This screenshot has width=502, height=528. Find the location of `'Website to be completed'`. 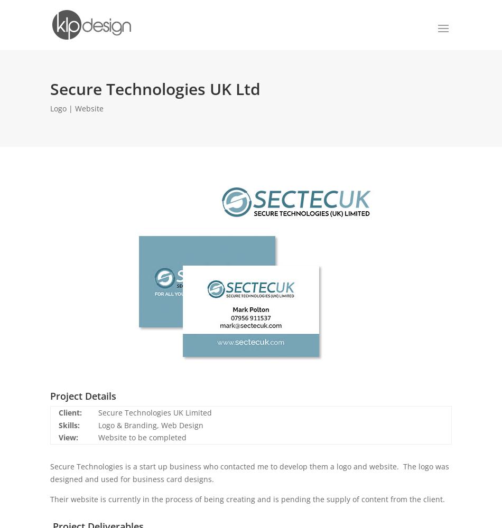

'Website to be completed' is located at coordinates (142, 437).